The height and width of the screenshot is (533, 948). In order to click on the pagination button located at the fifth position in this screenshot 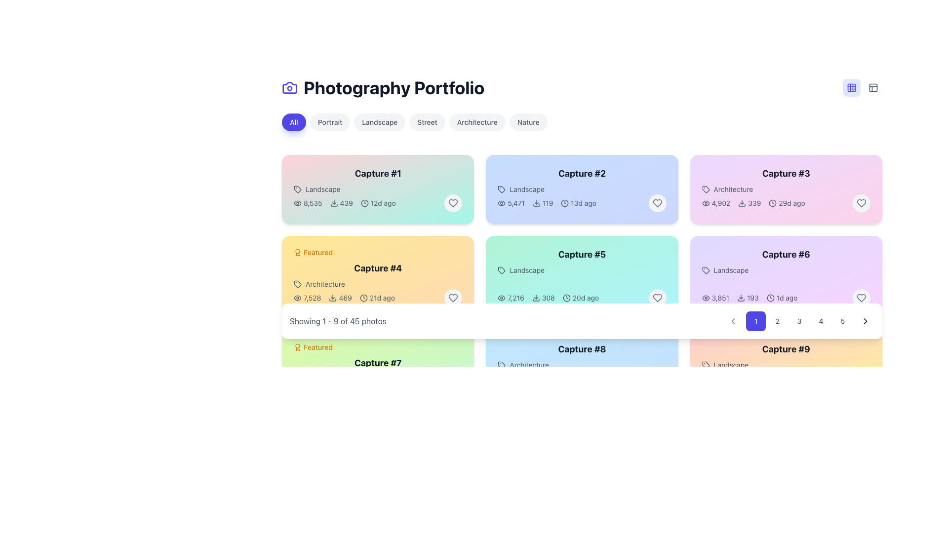, I will do `click(842, 321)`.